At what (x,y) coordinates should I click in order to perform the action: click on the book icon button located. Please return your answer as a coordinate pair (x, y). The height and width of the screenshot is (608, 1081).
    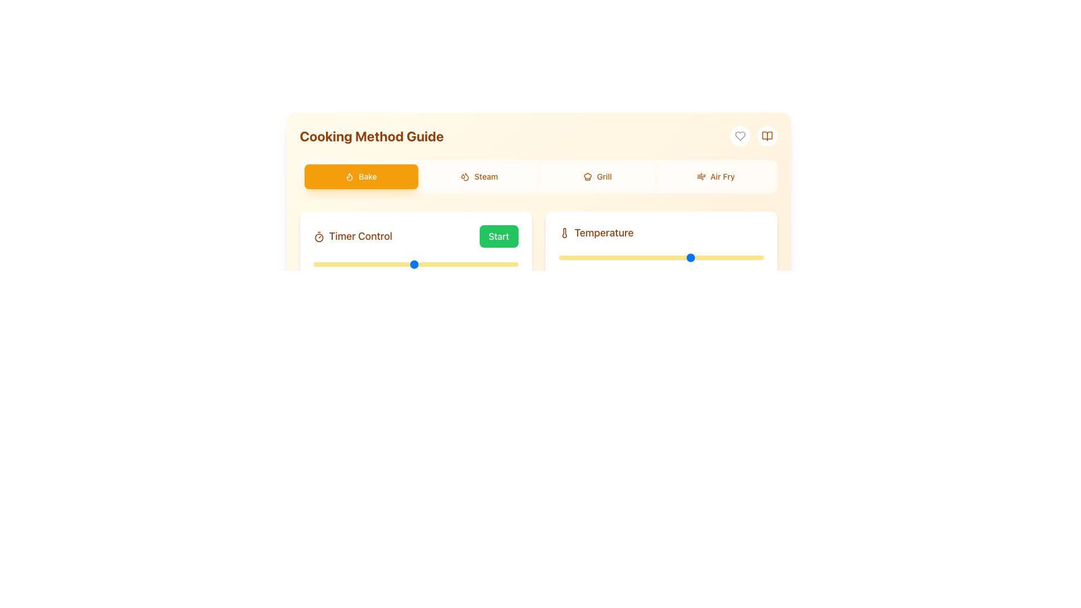
    Looking at the image, I should click on (766, 136).